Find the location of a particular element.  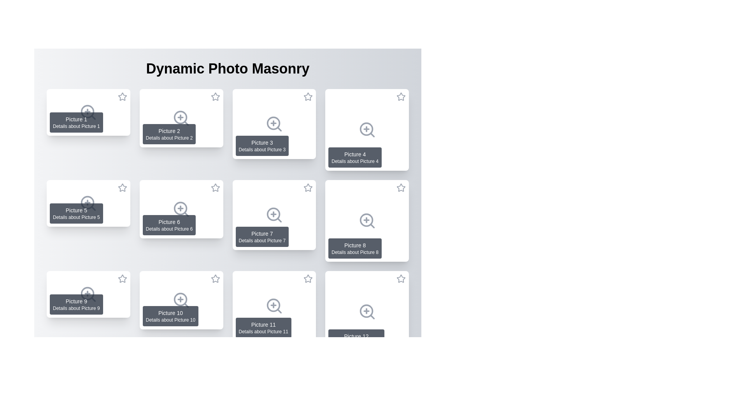

the gray outlined star icon located at the top-right corner of the card labeled 'Picture 2' is located at coordinates (215, 96).